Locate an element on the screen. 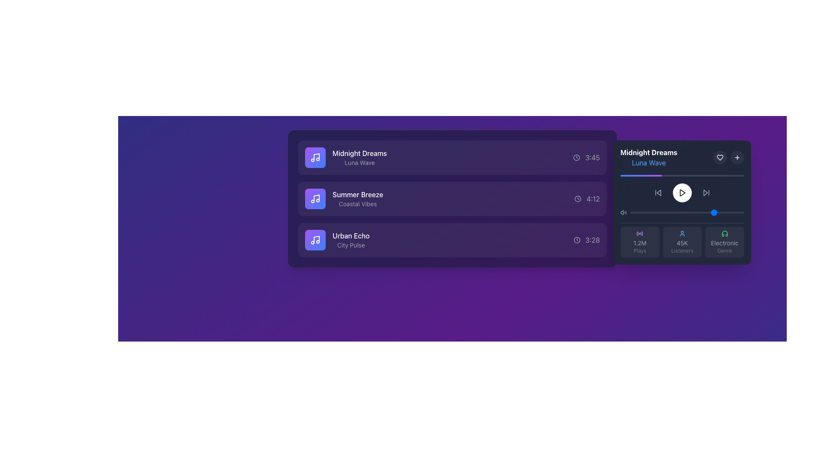  the slider is located at coordinates (730, 212).